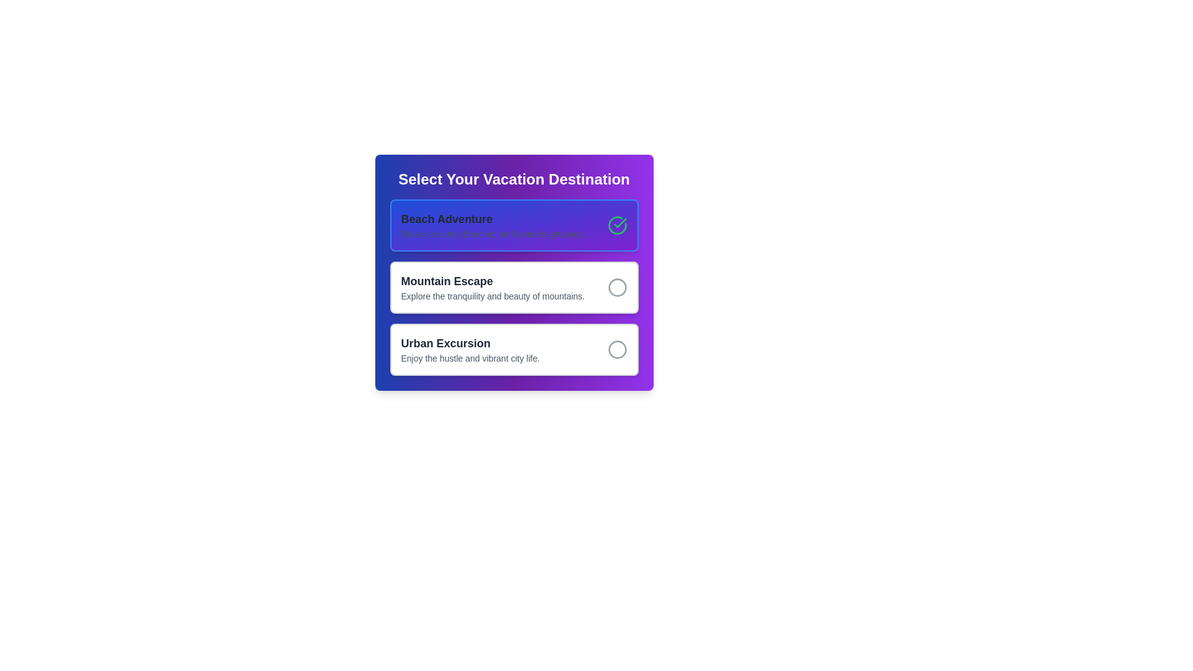 The image size is (1193, 671). What do you see at coordinates (617, 225) in the screenshot?
I see `the Checkmark icon located at the top-right corner of the 'Beach Adventure' option to deselect this vacation destination` at bounding box center [617, 225].